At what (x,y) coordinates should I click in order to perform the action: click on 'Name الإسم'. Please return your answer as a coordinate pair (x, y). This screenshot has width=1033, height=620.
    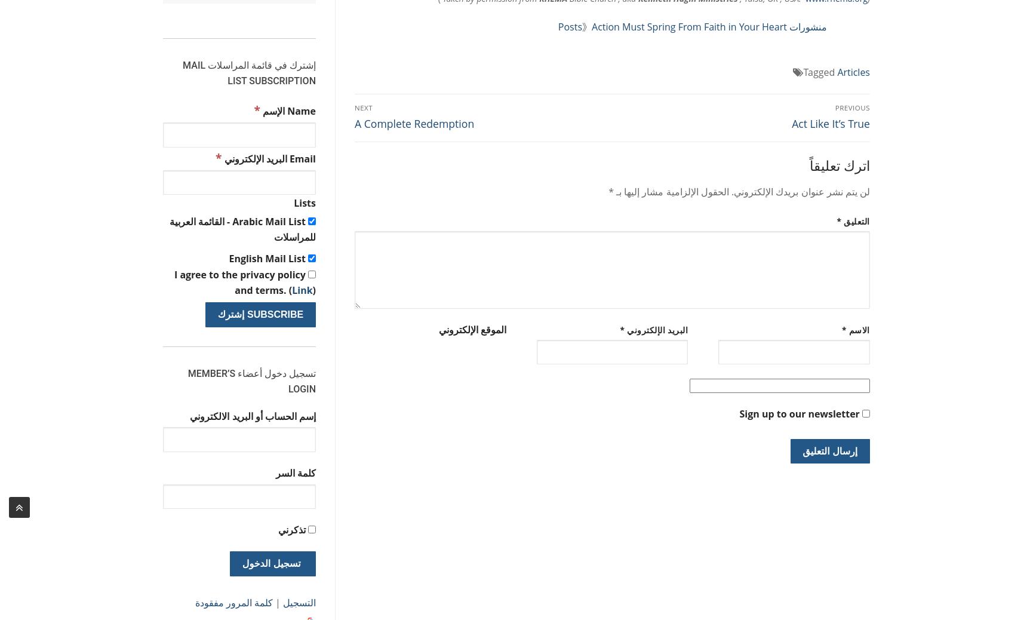
    Looking at the image, I should click on (259, 111).